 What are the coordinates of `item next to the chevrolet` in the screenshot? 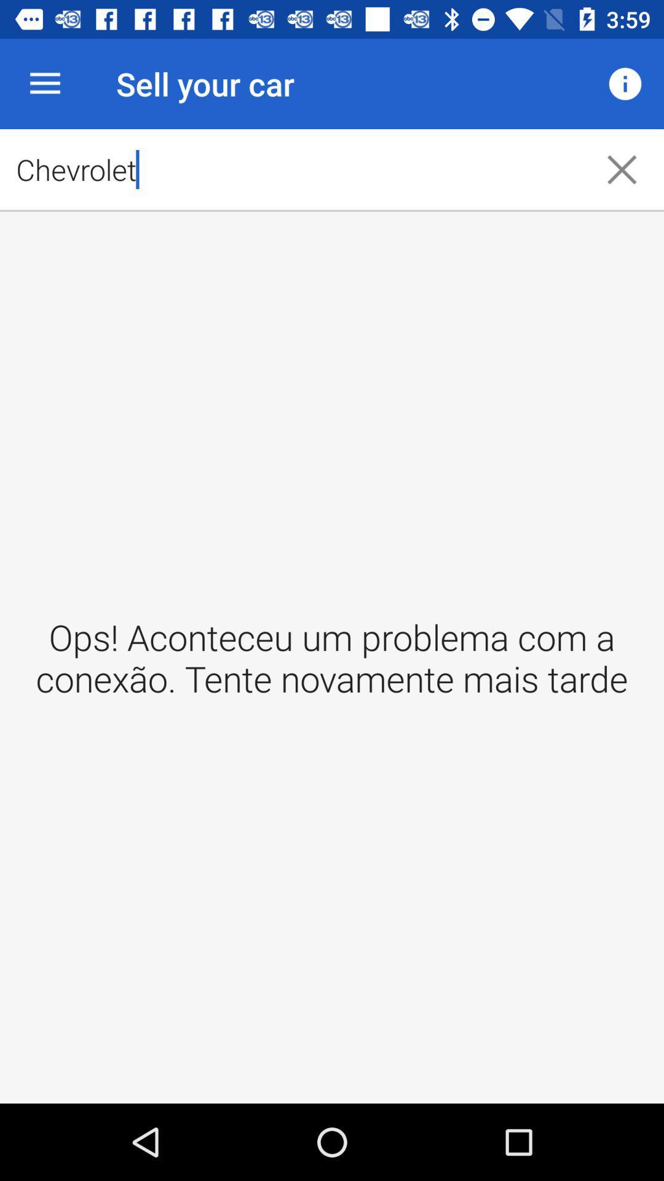 It's located at (625, 83).